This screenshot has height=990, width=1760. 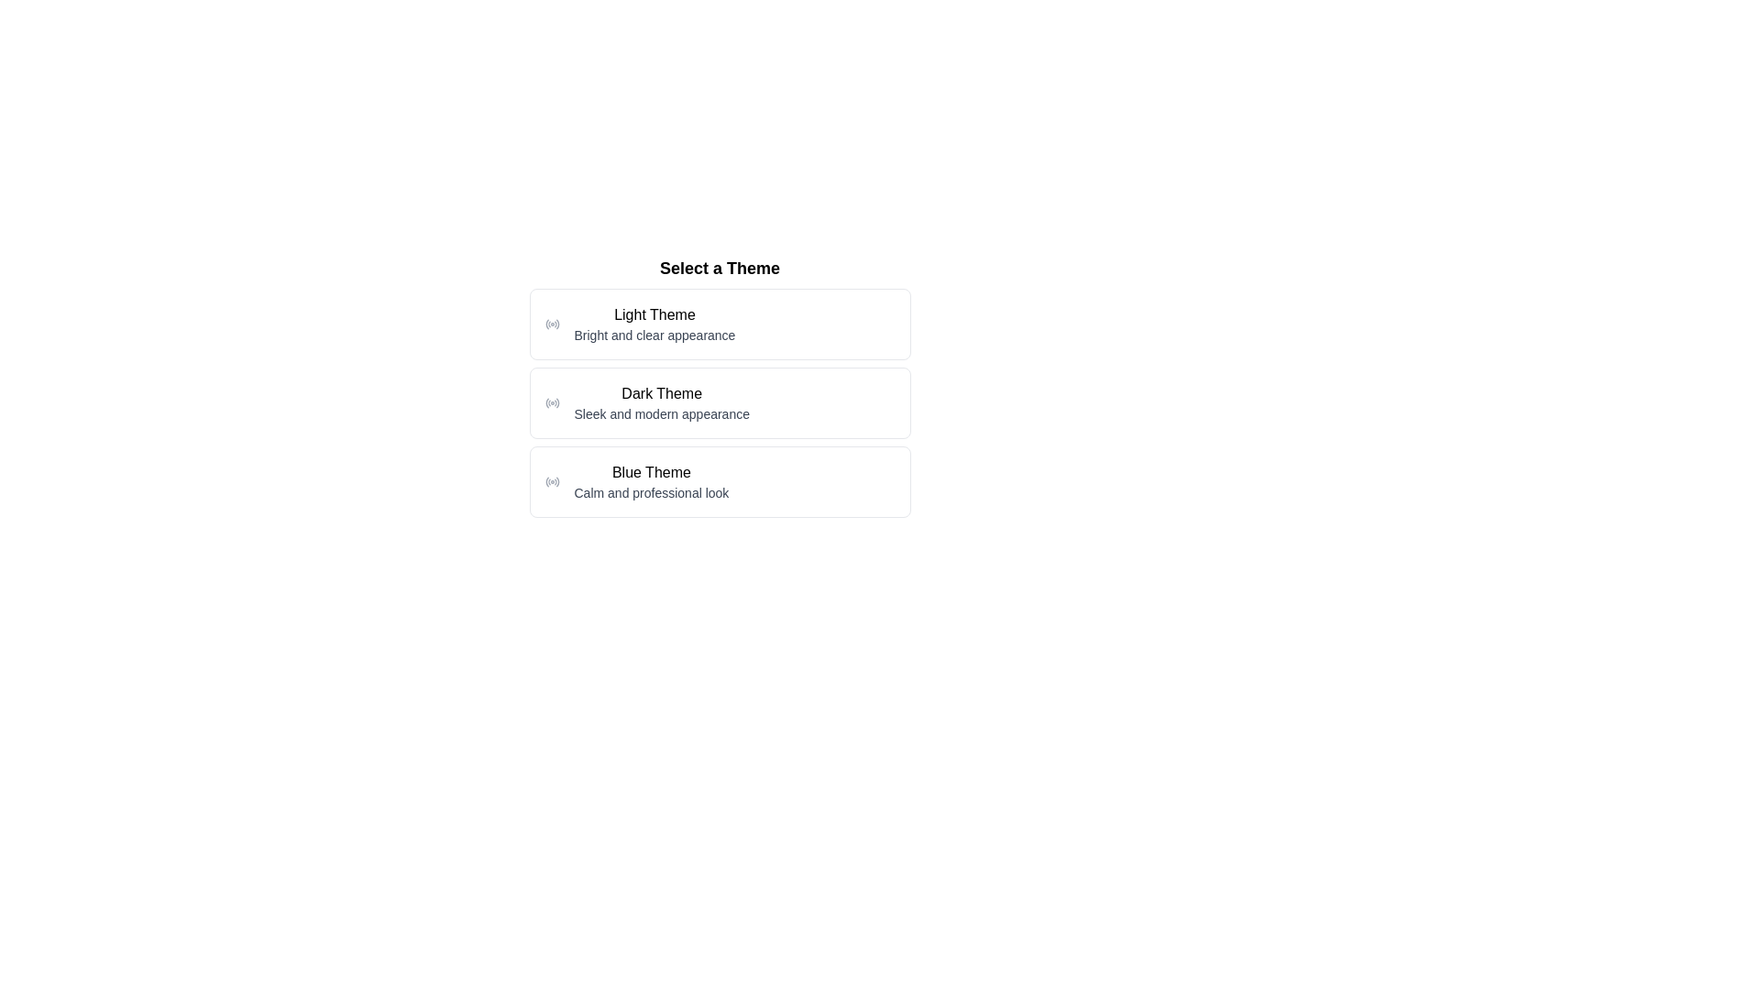 I want to click on the first card in the vertical stack that allows selecting the 'Light Theme' in the application, located just below the 'Select a Theme' heading, so click(x=719, y=324).